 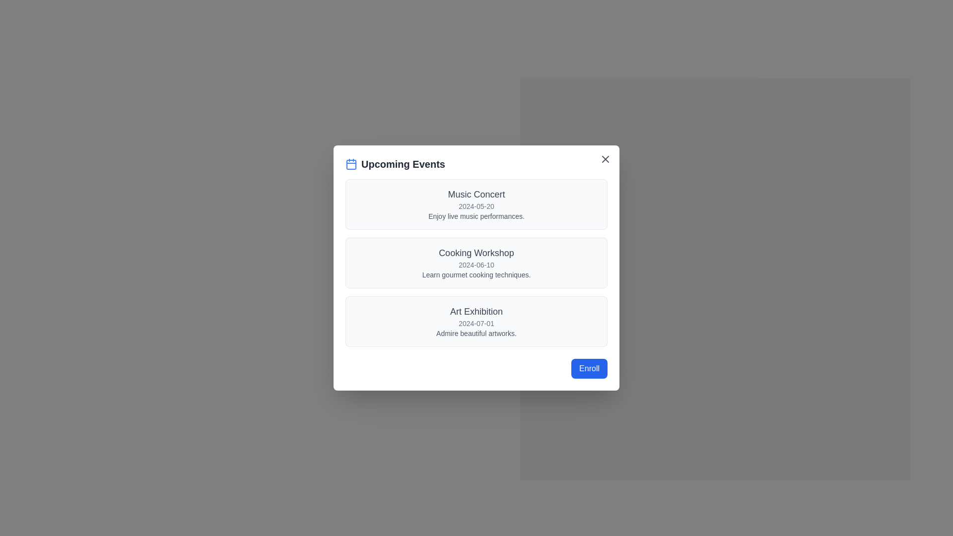 I want to click on the text element displaying 'Enjoy live music performances.' located beneath the date '2024-05-20' in the 'Music Concert' section of the 'Upcoming Events' card, so click(x=476, y=215).